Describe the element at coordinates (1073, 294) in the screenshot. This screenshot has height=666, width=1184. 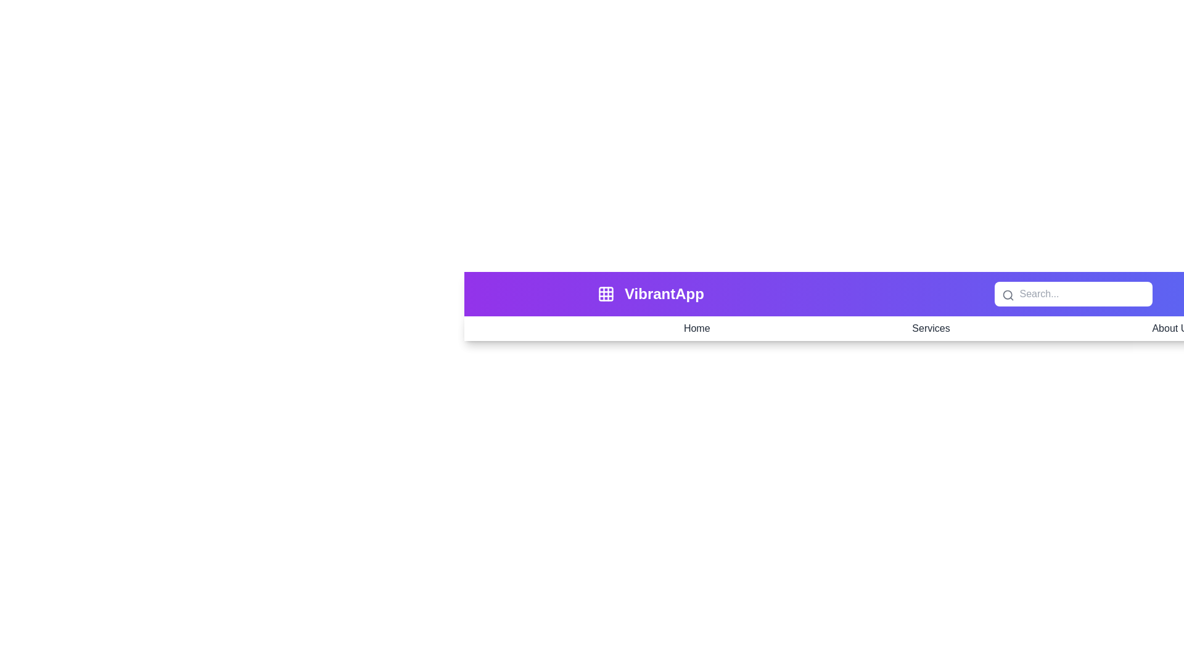
I see `the search input field to focus it` at that location.